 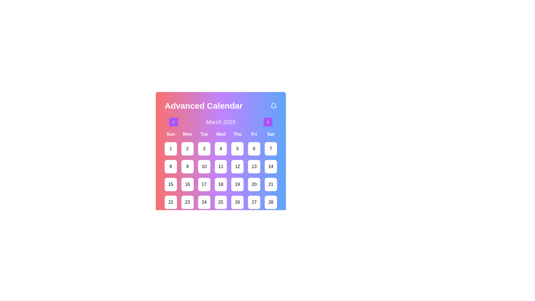 What do you see at coordinates (170, 202) in the screenshot?
I see `the Button-like text block representing the date '22' in the calendar for keyboard navigation` at bounding box center [170, 202].